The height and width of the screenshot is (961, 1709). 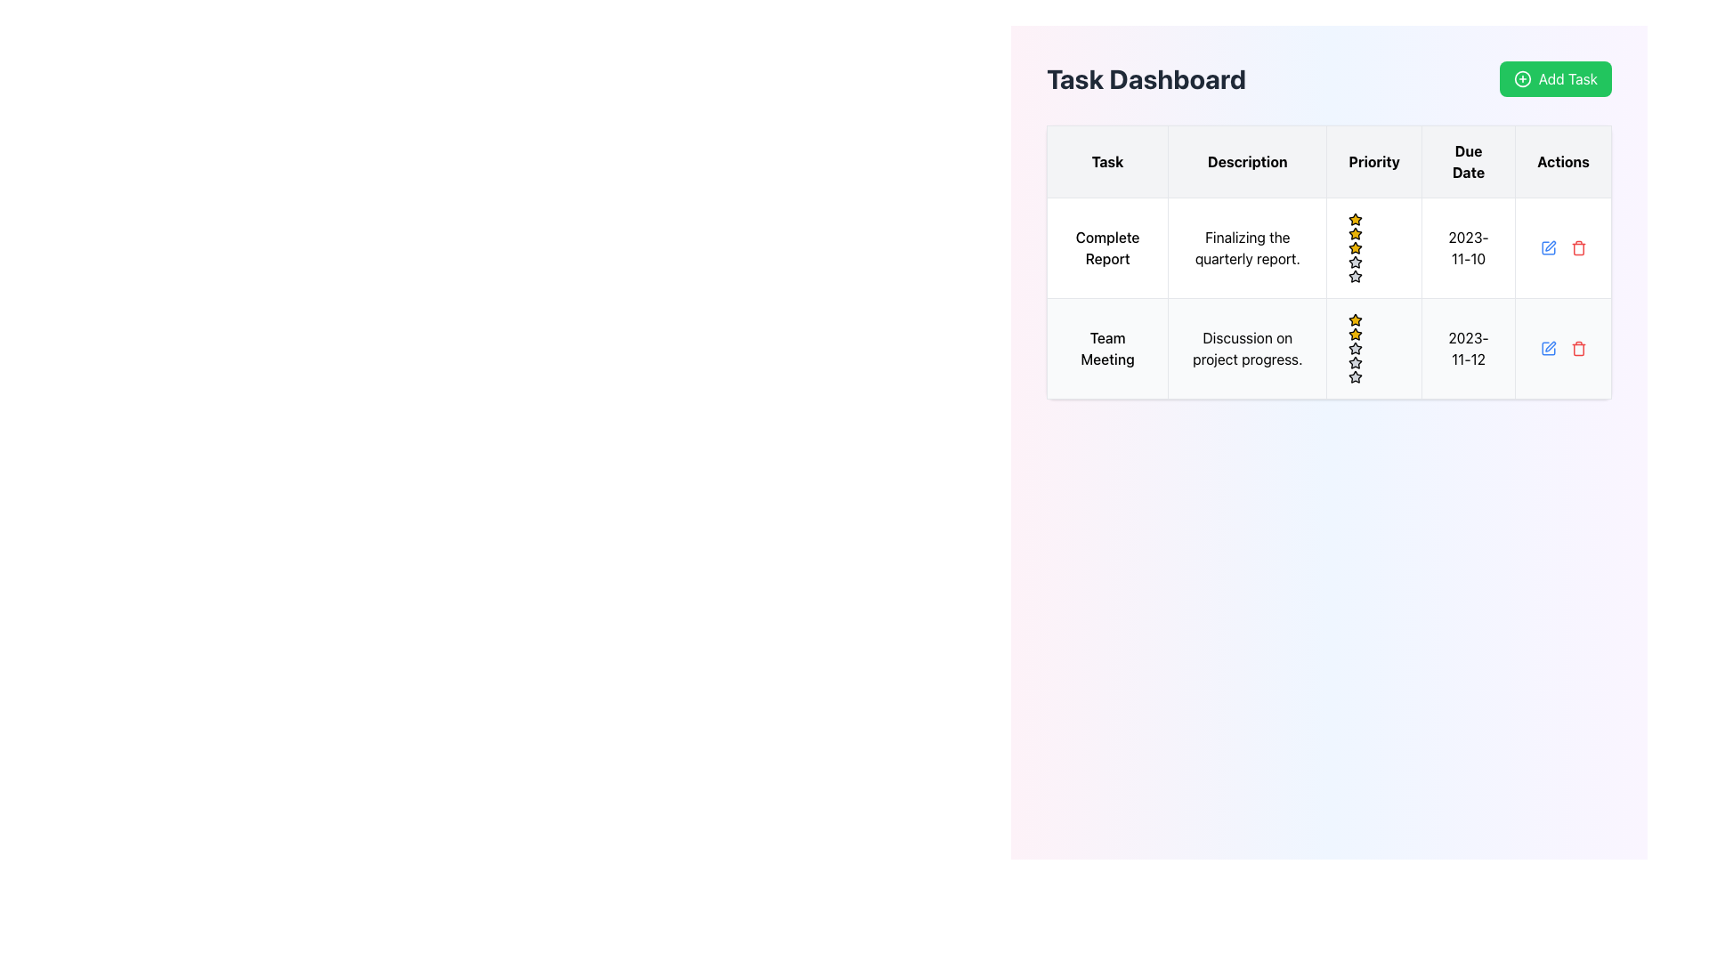 I want to click on the red trash icon button located in the 'Actions' column of the table, so click(x=1578, y=247).